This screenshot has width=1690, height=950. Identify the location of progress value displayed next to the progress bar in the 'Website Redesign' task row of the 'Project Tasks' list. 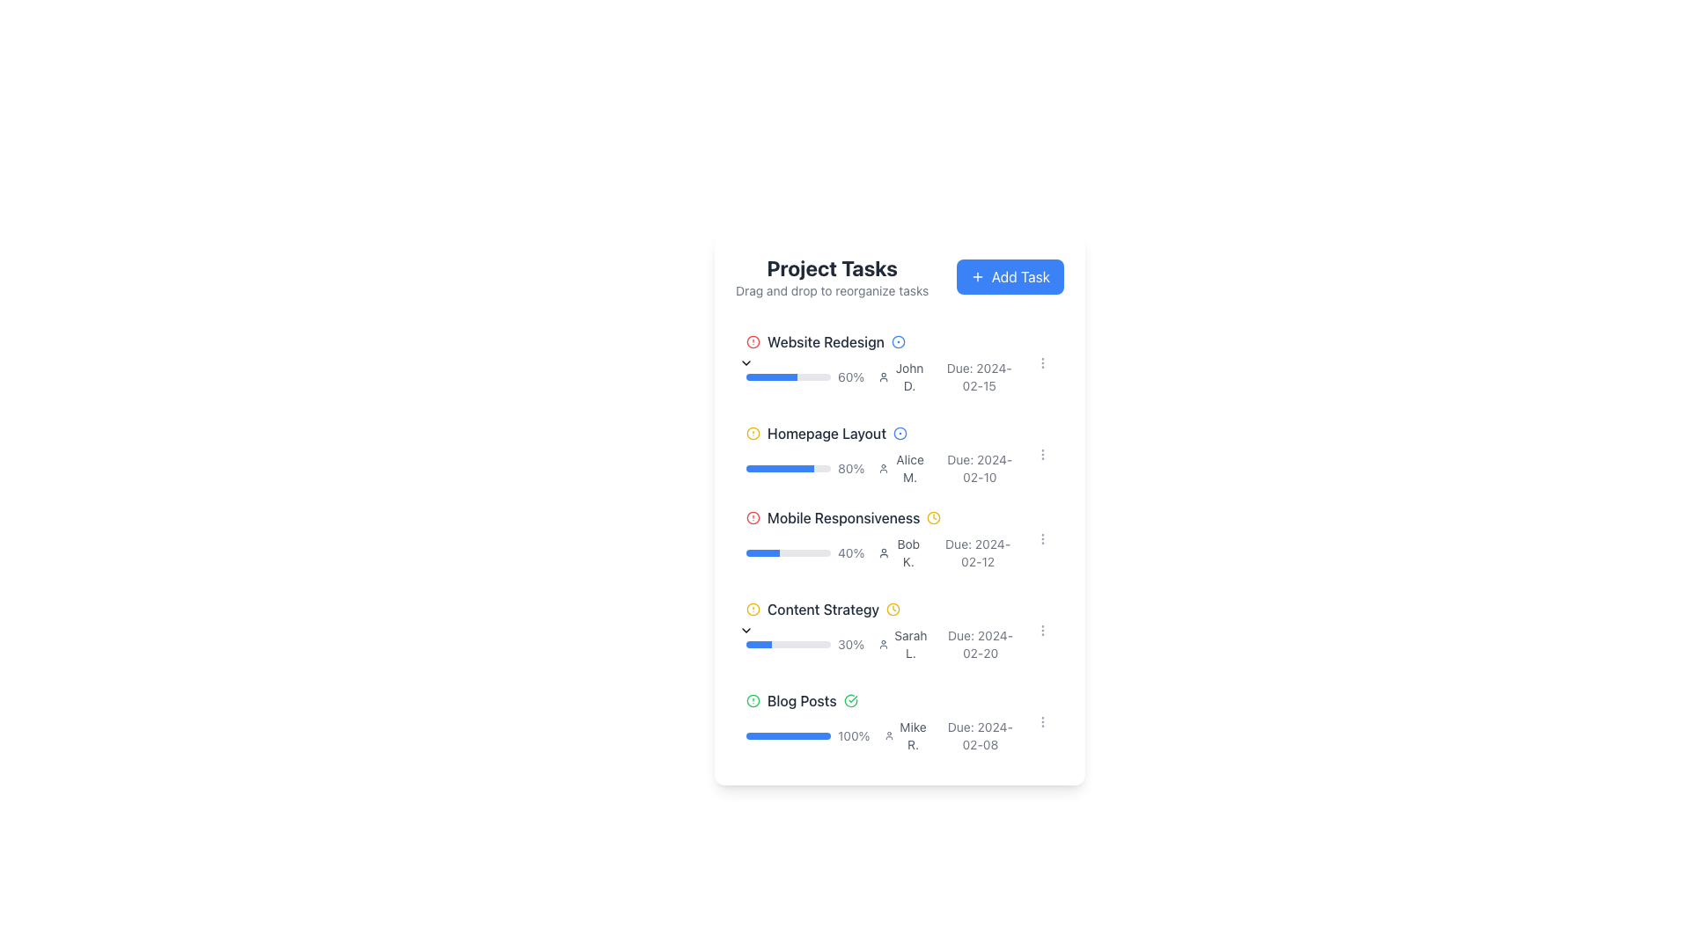
(805, 376).